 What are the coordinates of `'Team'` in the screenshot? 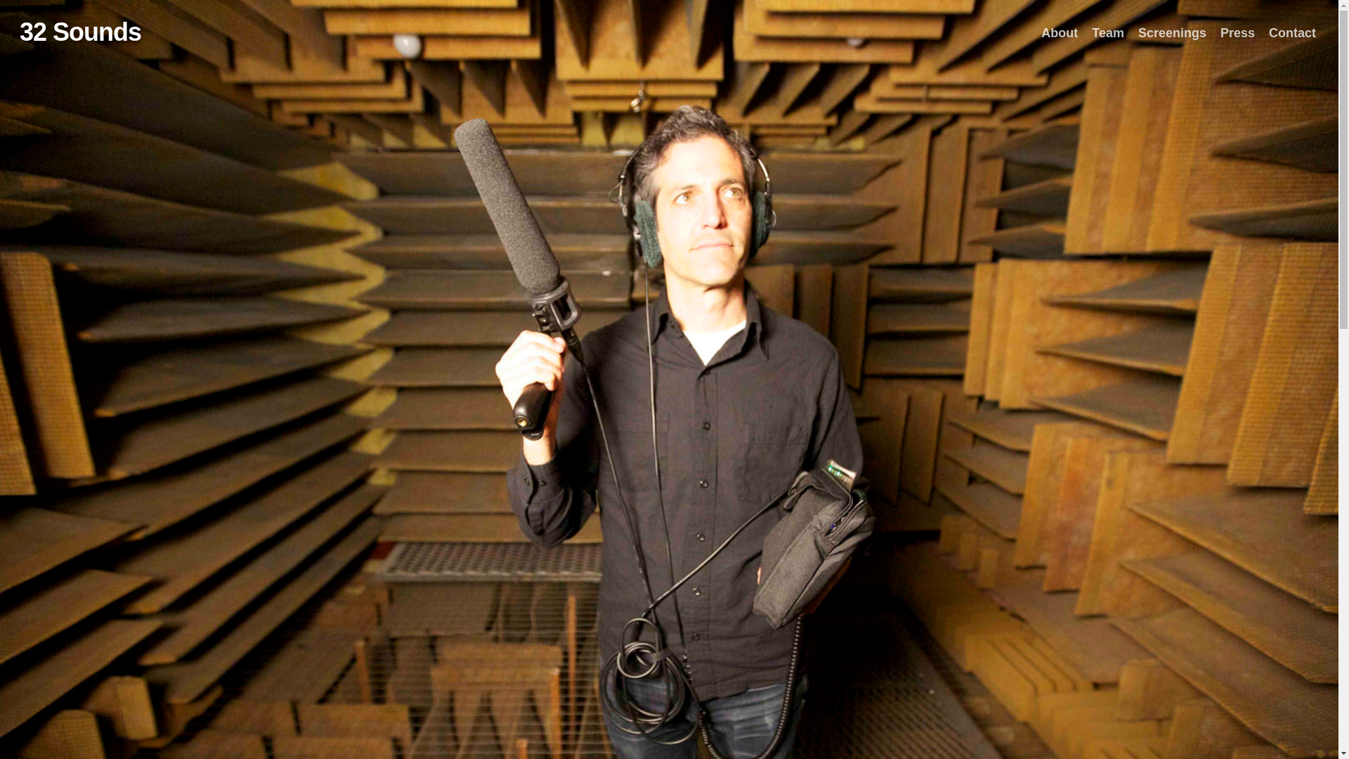 It's located at (1107, 32).